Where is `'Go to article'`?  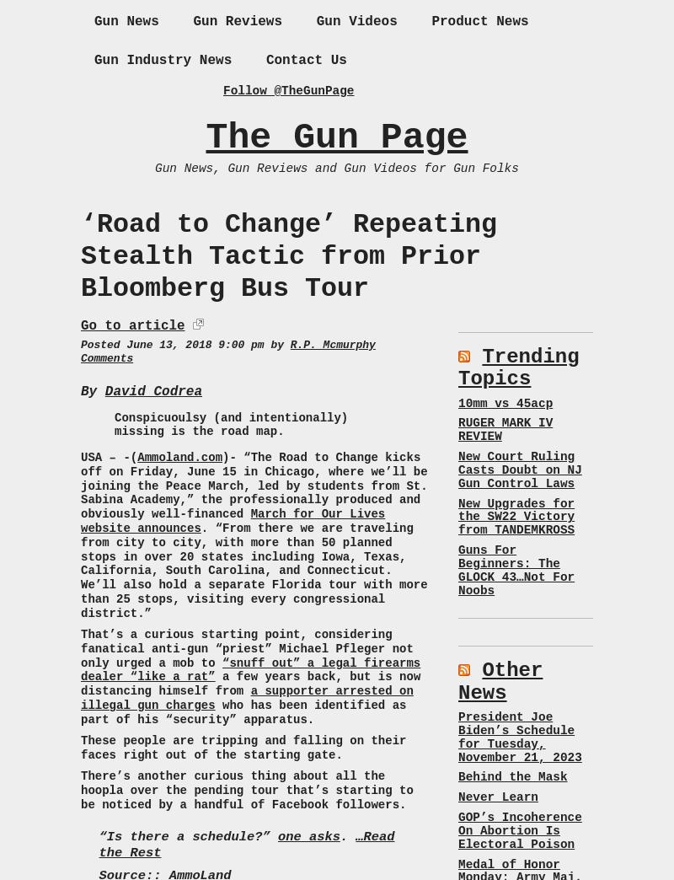
'Go to article' is located at coordinates (132, 325).